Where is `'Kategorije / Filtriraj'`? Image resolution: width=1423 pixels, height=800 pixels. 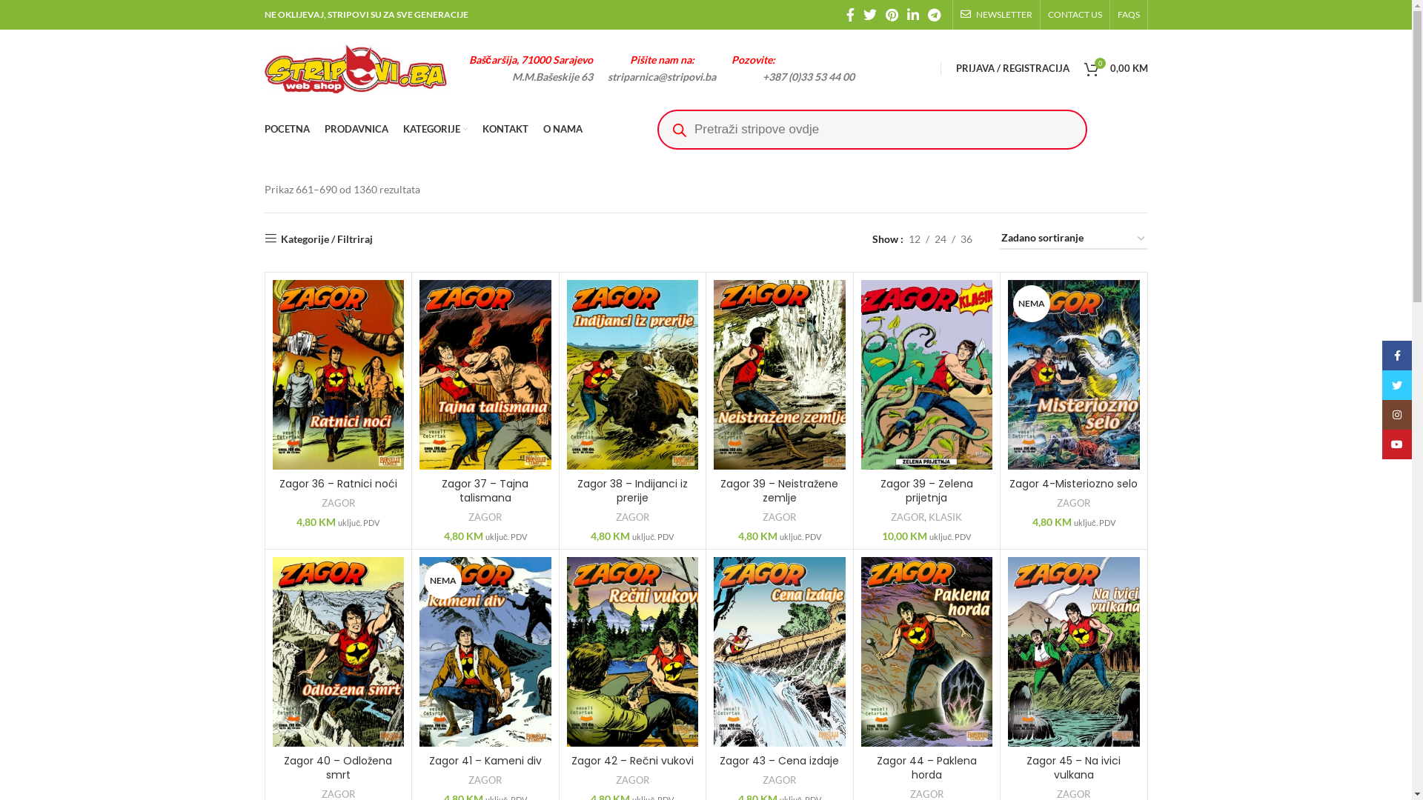
'Kategorije / Filtriraj' is located at coordinates (316, 238).